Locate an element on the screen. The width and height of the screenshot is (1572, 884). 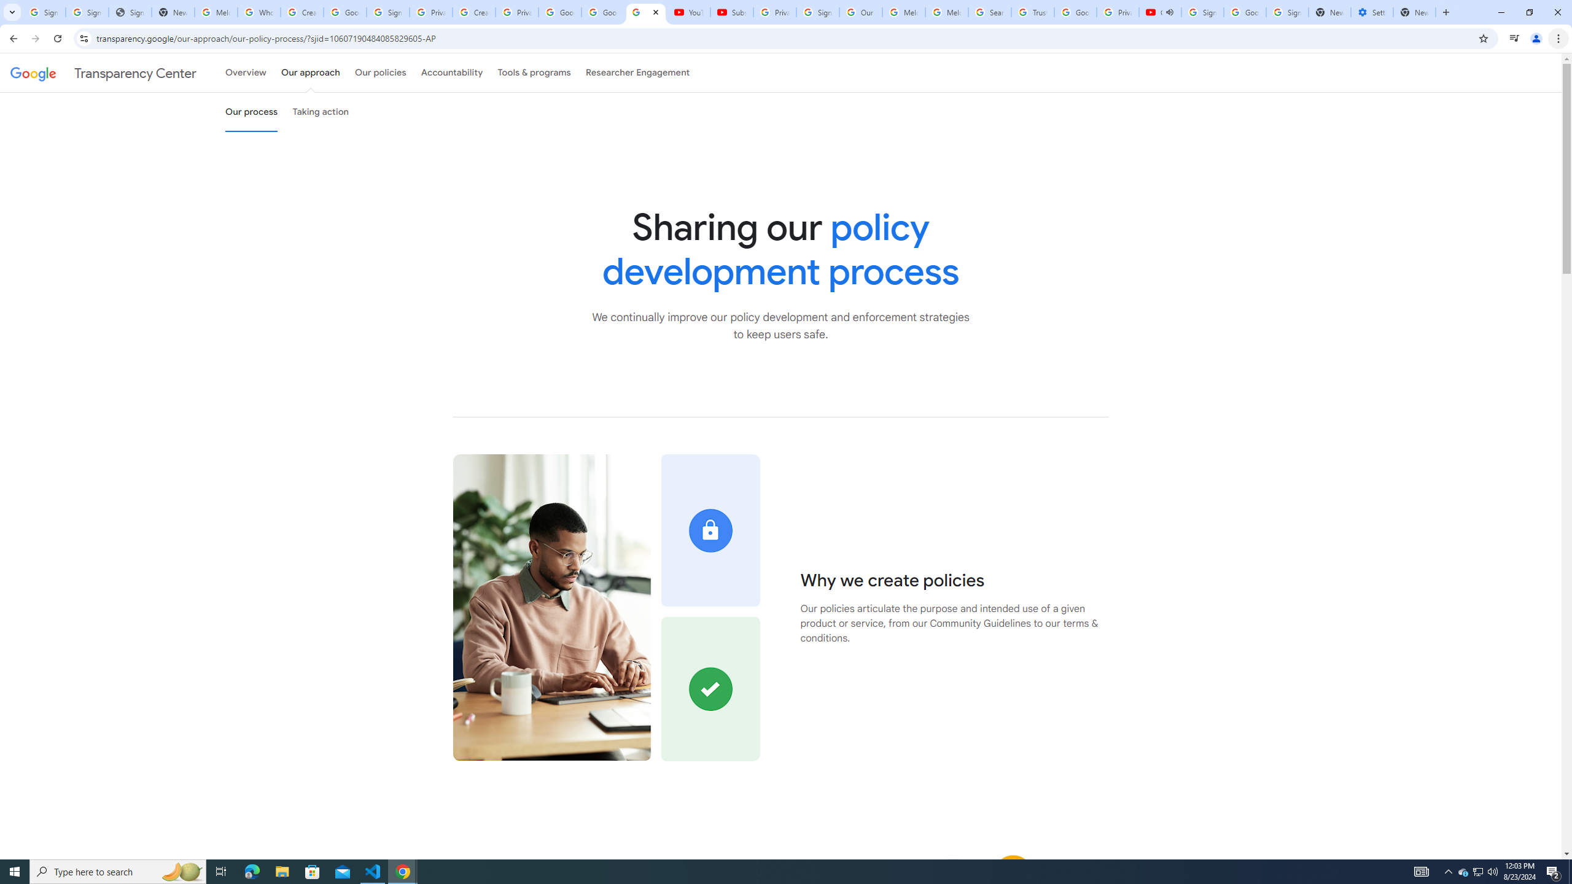
'Sign in - Google Accounts' is located at coordinates (1202, 12).